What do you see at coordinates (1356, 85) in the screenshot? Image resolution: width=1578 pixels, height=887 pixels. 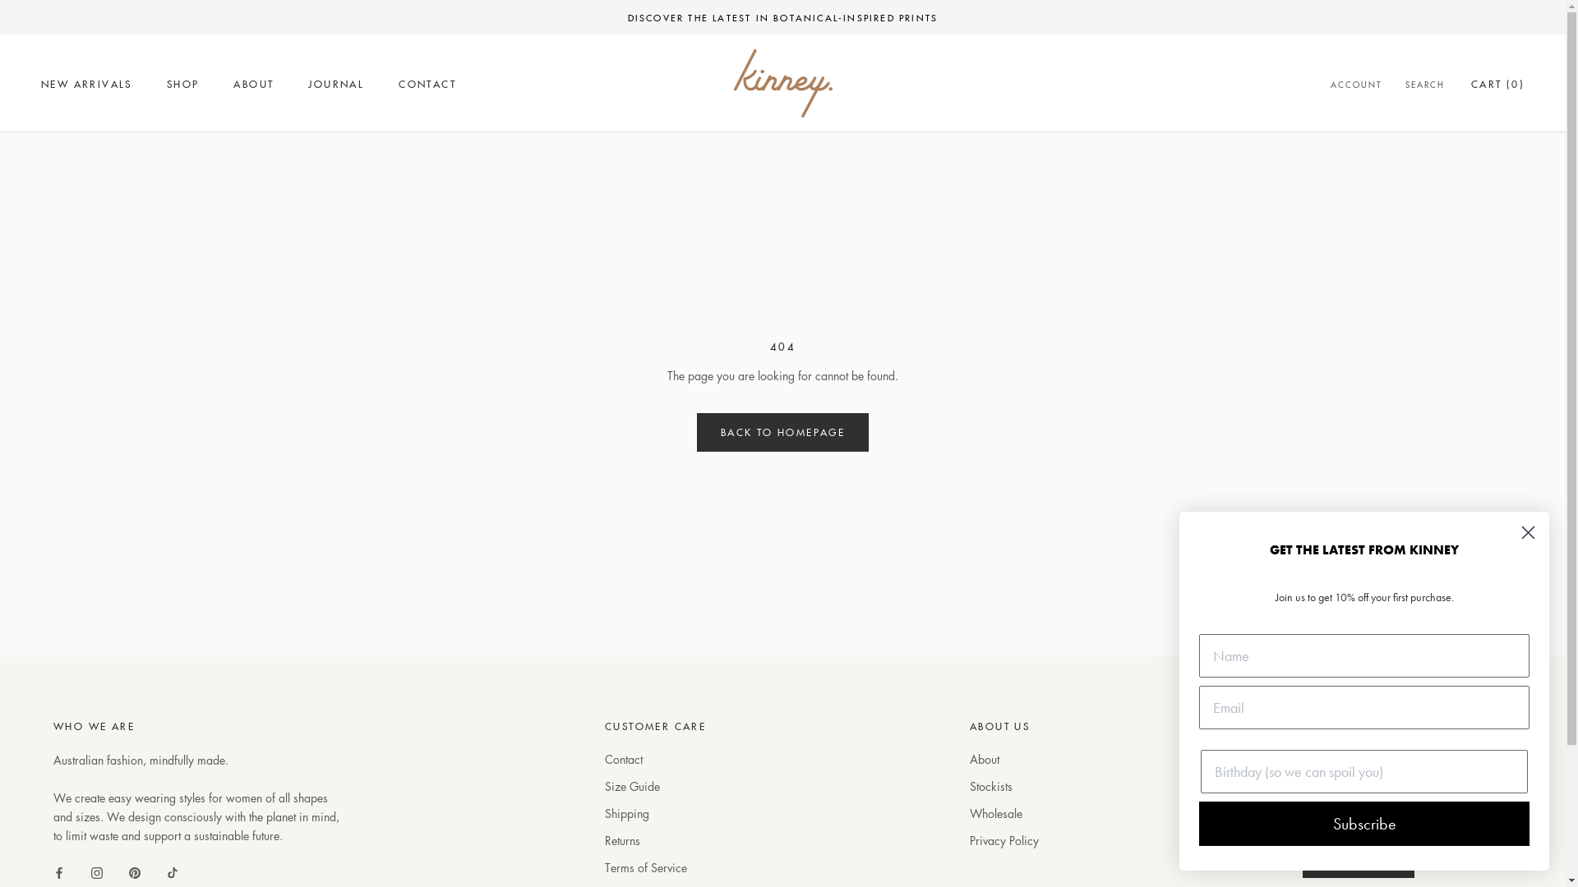 I see `'ACCOUNT'` at bounding box center [1356, 85].